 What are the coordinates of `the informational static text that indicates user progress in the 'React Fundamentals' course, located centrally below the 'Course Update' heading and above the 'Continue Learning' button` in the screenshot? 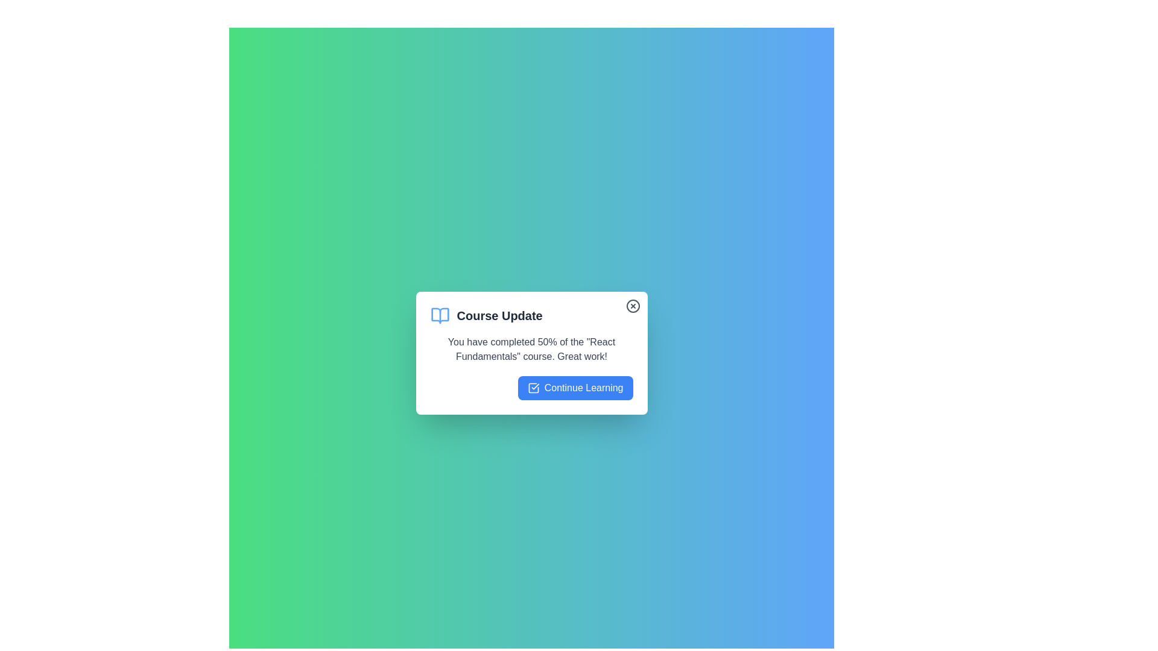 It's located at (531, 349).